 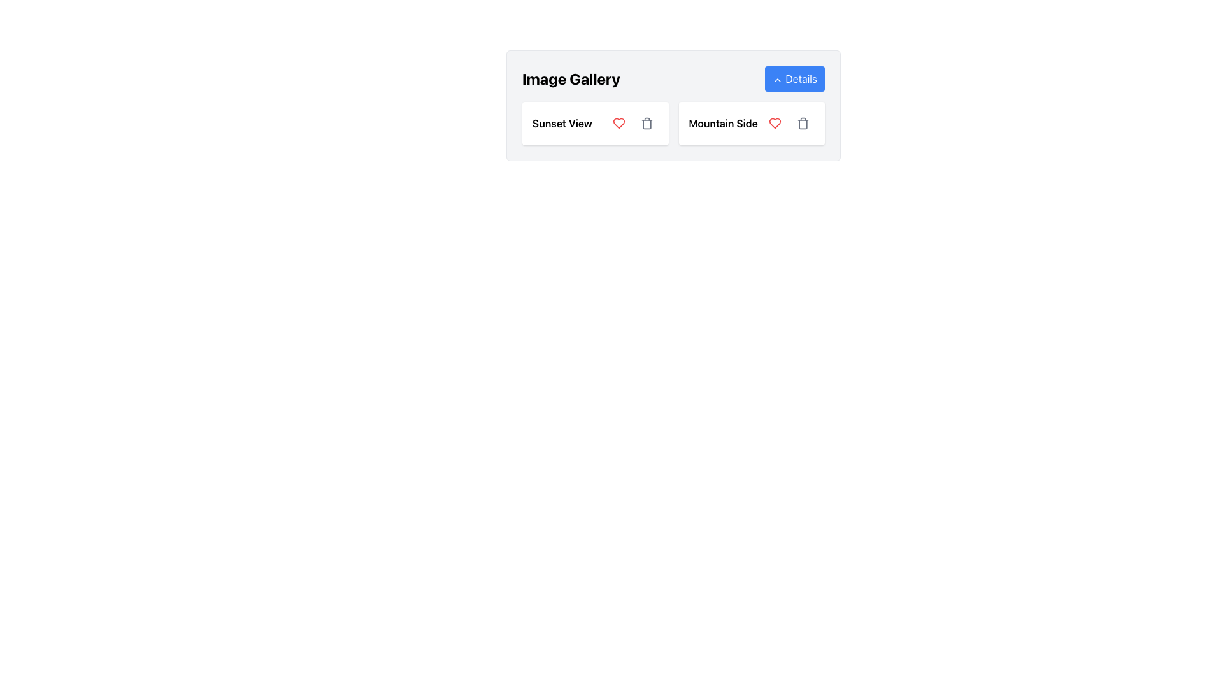 I want to click on the trash can icon located on the right end of the 'Mountain Side' card in the 'Image Gallery' interface, so click(x=803, y=123).